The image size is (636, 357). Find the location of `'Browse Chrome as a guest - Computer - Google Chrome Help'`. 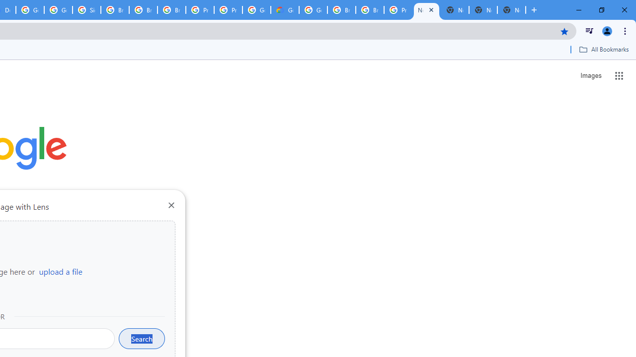

'Browse Chrome as a guest - Computer - Google Chrome Help' is located at coordinates (115, 10).